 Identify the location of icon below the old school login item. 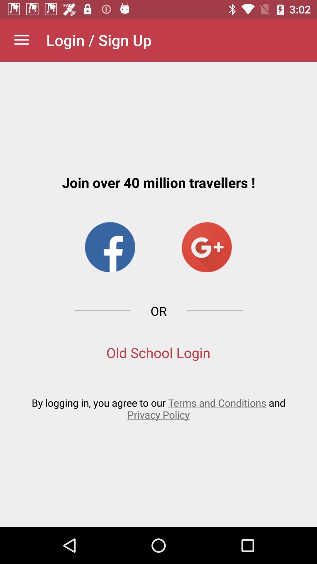
(158, 408).